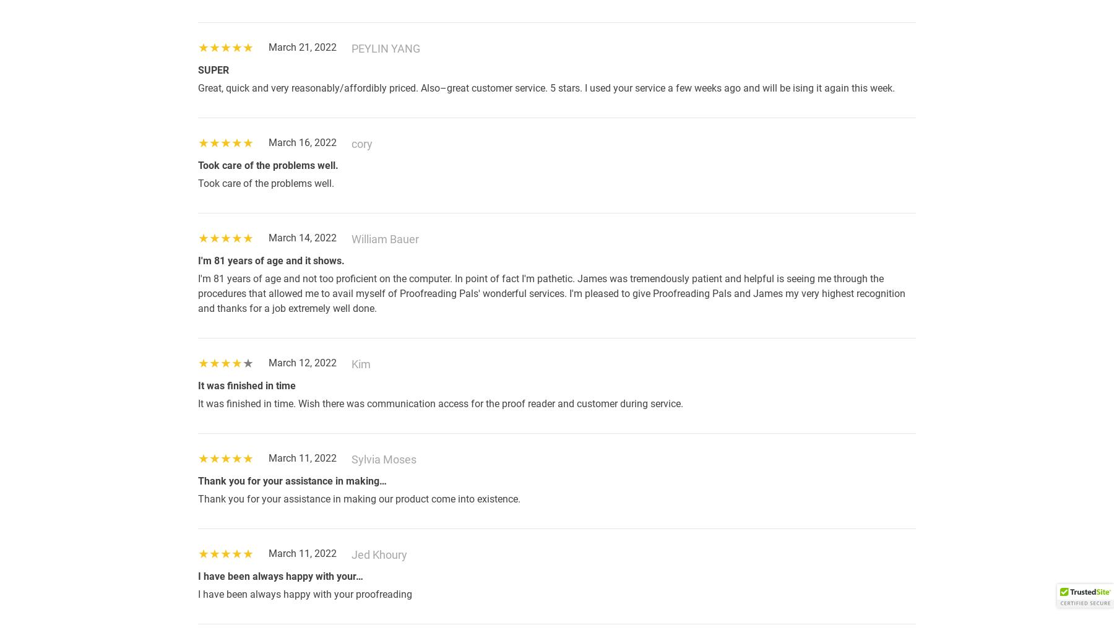 The height and width of the screenshot is (638, 1114). I want to click on 'March 12, 2022', so click(302, 362).